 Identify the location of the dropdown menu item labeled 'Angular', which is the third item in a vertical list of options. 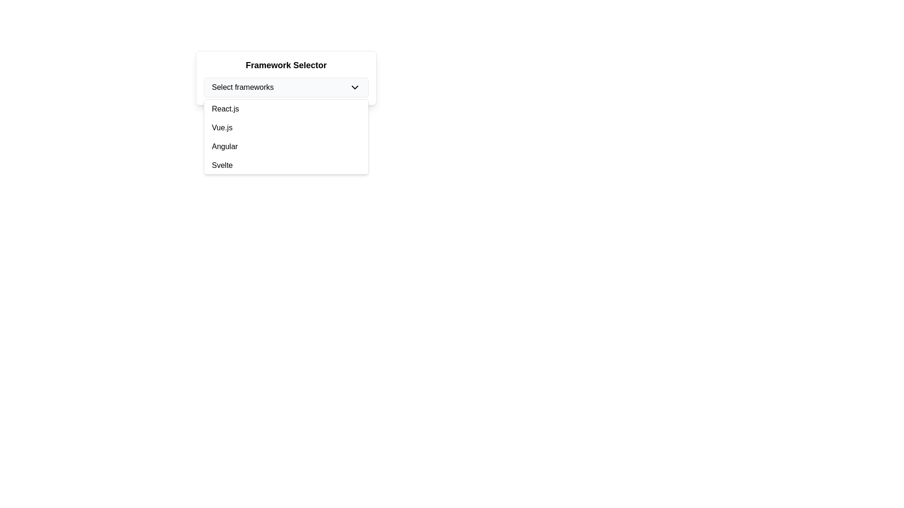
(286, 147).